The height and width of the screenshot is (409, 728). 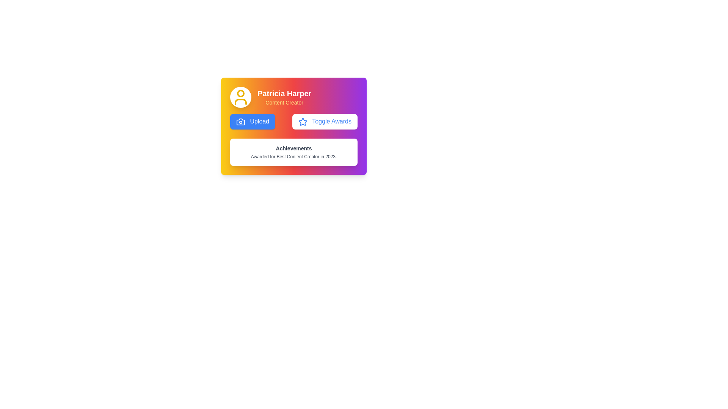 I want to click on the vibrant yellow user icon that is centered within a circular area of the card component, so click(x=240, y=97).